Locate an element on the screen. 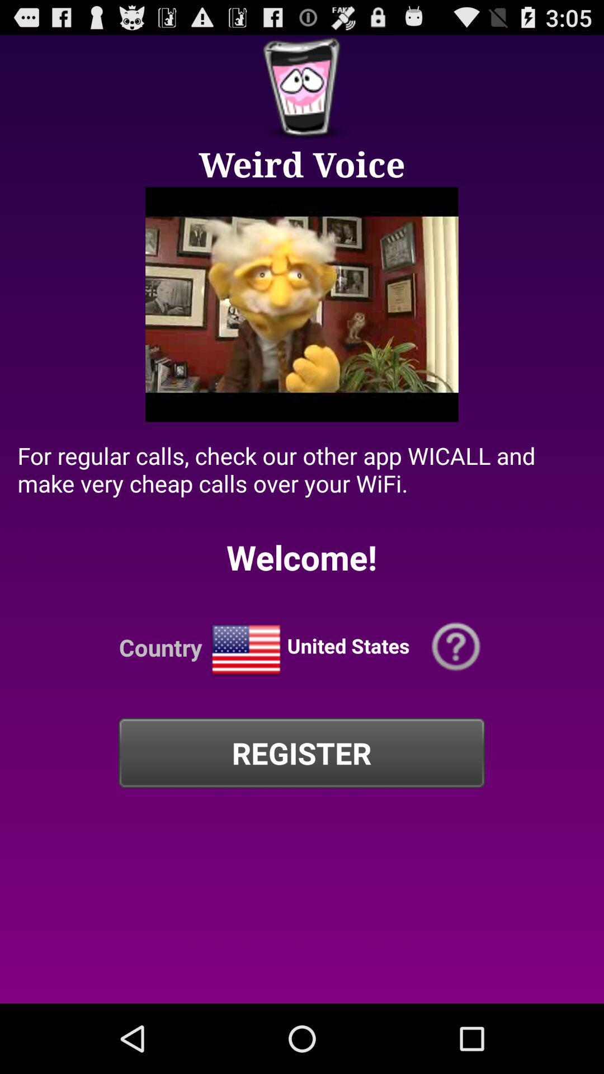 This screenshot has height=1074, width=604. country is located at coordinates (246, 650).